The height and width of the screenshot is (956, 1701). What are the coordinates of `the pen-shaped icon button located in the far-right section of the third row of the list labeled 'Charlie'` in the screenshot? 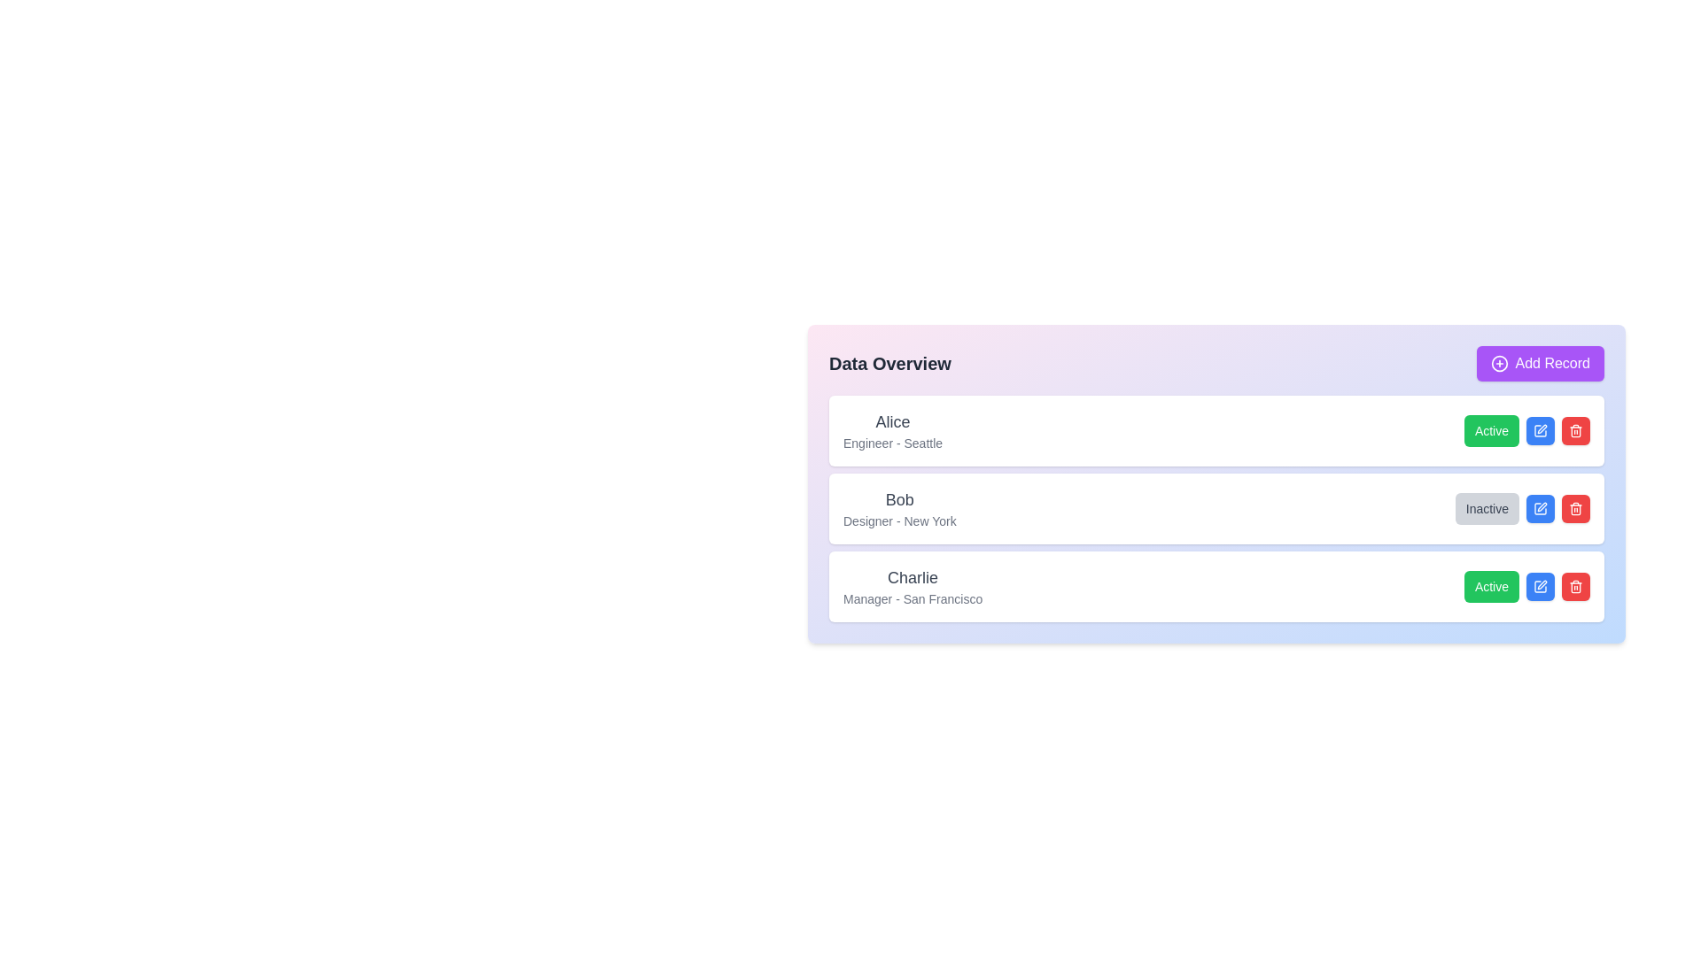 It's located at (1542, 429).